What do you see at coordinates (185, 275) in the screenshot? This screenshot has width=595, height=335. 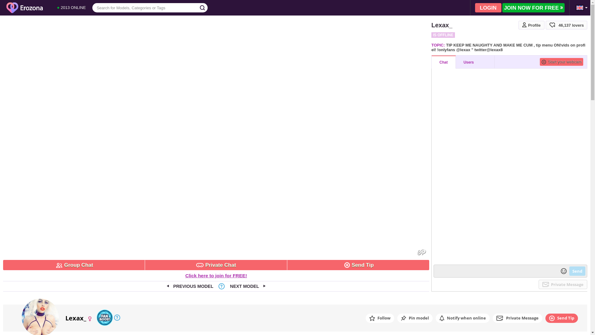 I see `'Click here to join for FREE!'` at bounding box center [185, 275].